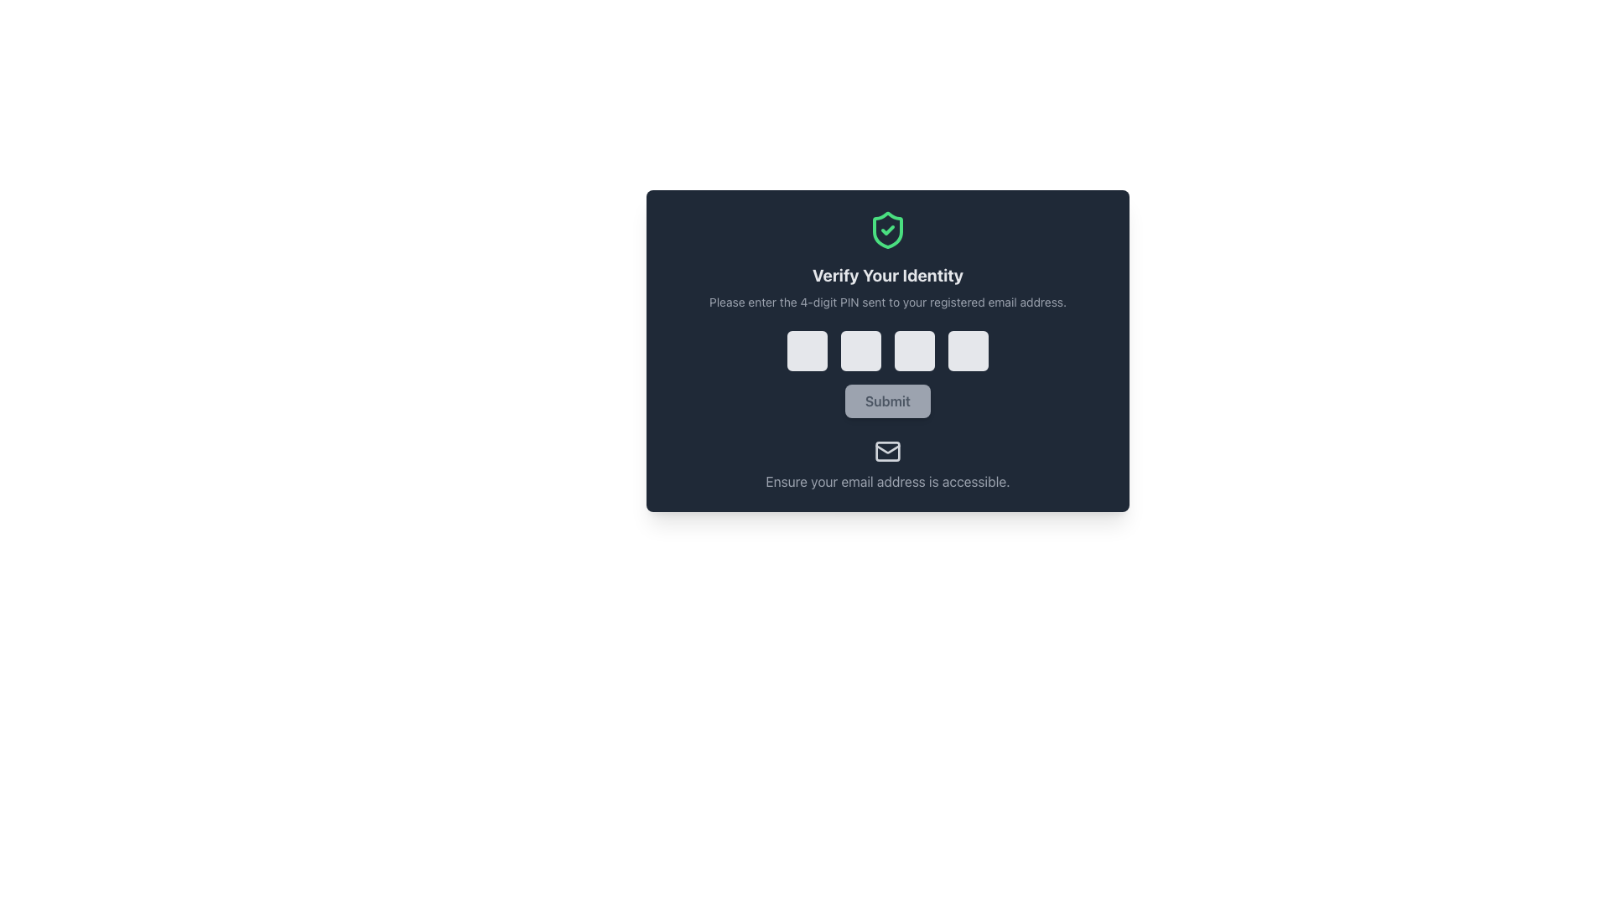  What do you see at coordinates (887, 230) in the screenshot?
I see `the secure identity confirmation icon located above the 'Verify Your Identity' title text and centrally aligned with the input fields` at bounding box center [887, 230].